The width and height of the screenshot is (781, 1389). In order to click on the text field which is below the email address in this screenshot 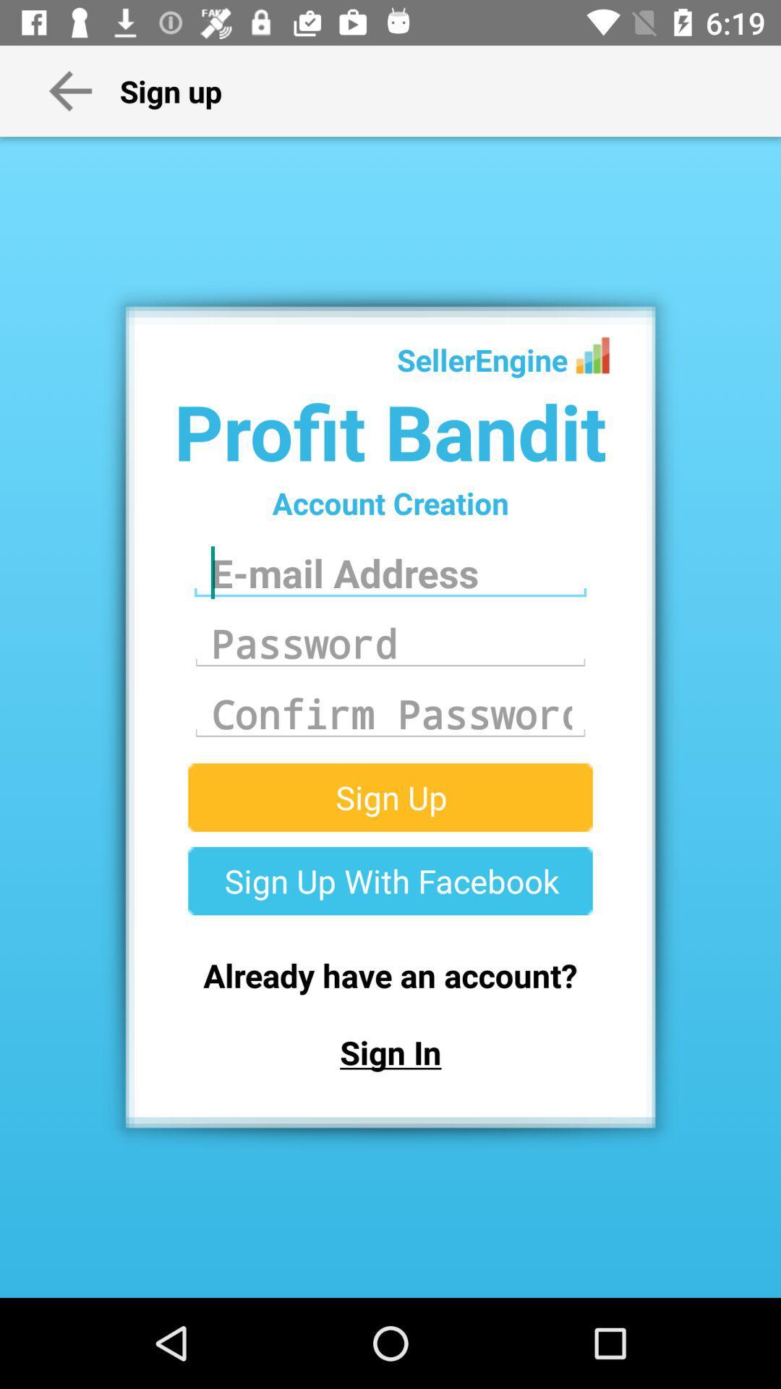, I will do `click(390, 642)`.